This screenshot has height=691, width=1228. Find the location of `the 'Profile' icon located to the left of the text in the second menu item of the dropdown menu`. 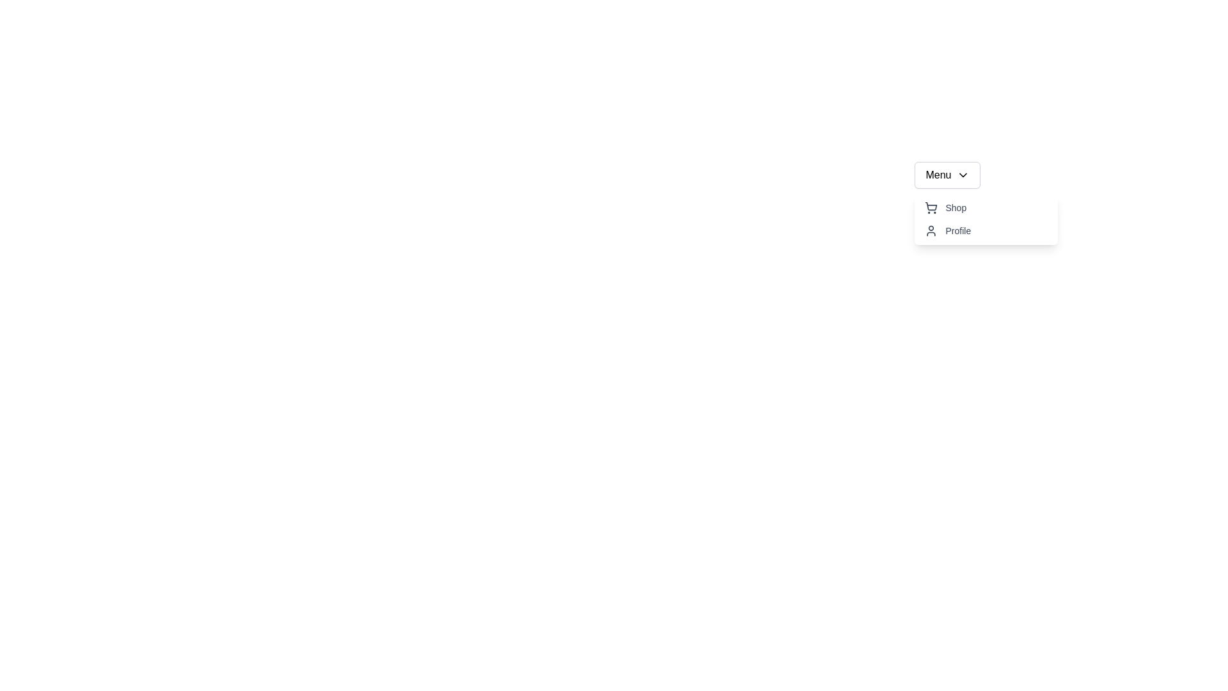

the 'Profile' icon located to the left of the text in the second menu item of the dropdown menu is located at coordinates (931, 231).